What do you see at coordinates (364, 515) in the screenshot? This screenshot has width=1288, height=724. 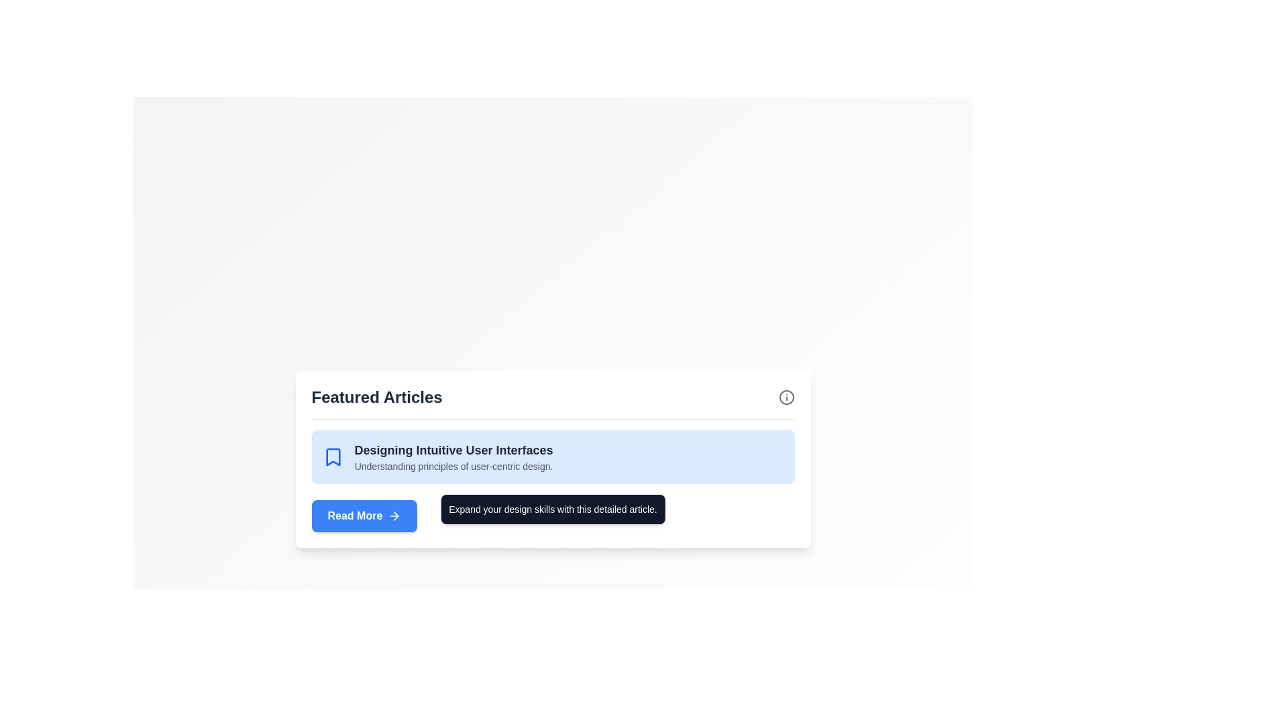 I see `the rectangular button with rounded corners that has a vibrant blue background and white text reading 'Read More' to change its visual state` at bounding box center [364, 515].